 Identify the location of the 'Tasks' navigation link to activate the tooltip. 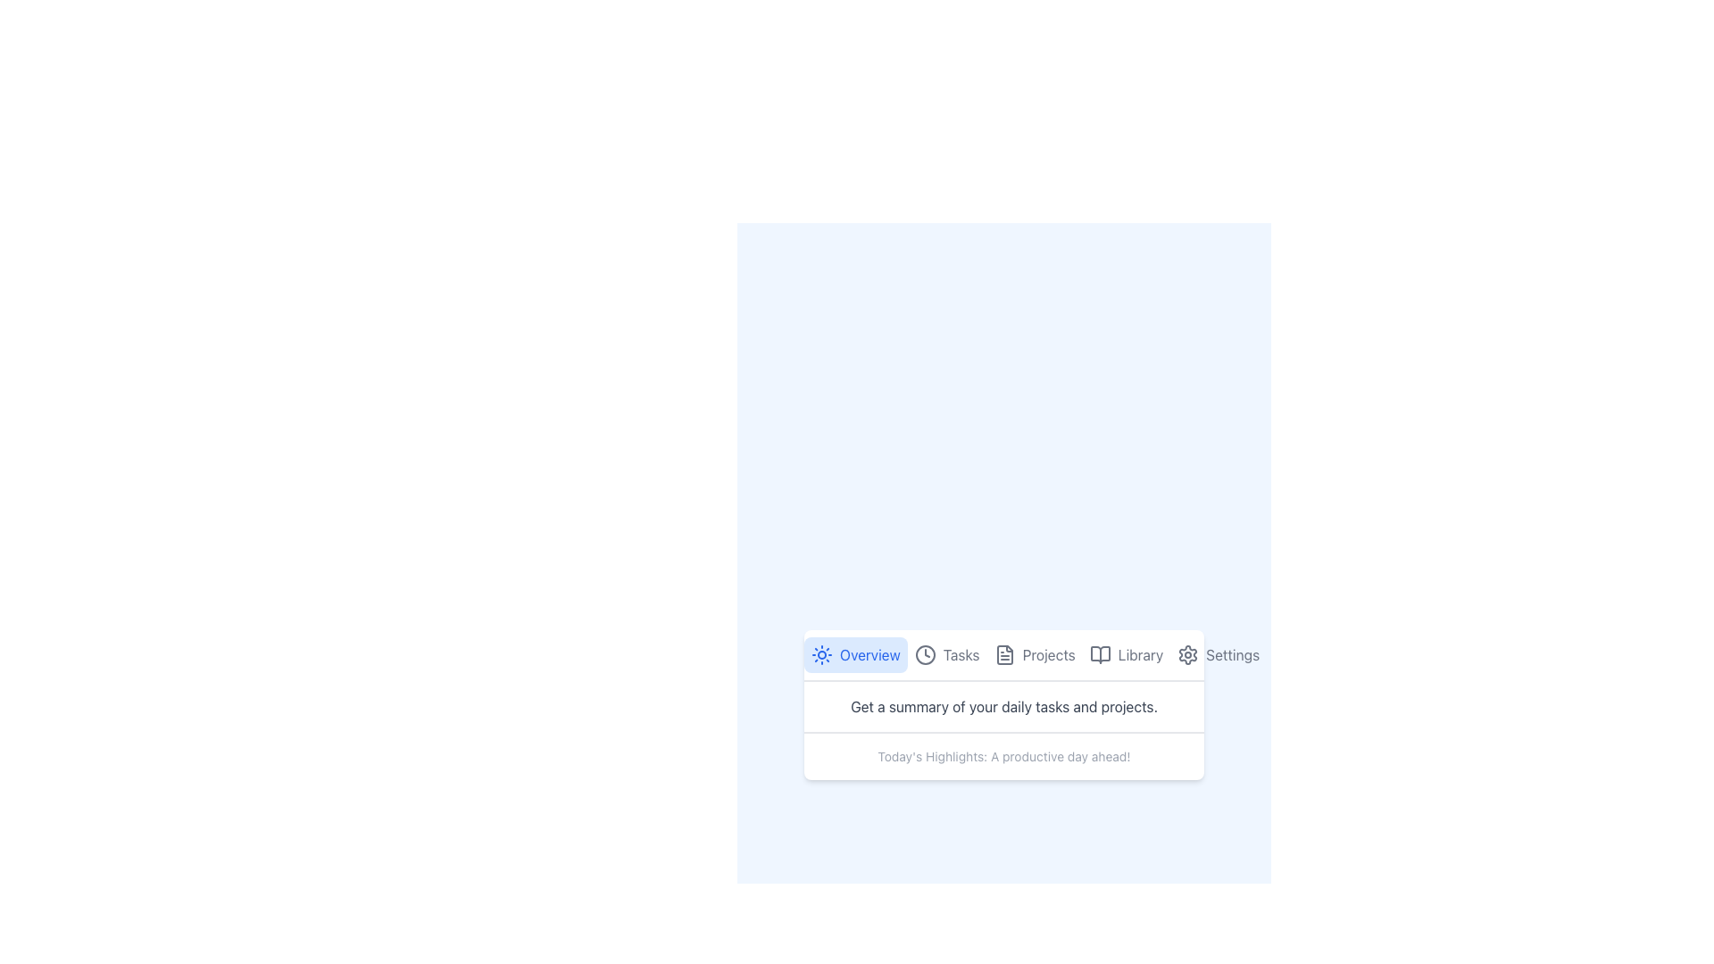
(960, 654).